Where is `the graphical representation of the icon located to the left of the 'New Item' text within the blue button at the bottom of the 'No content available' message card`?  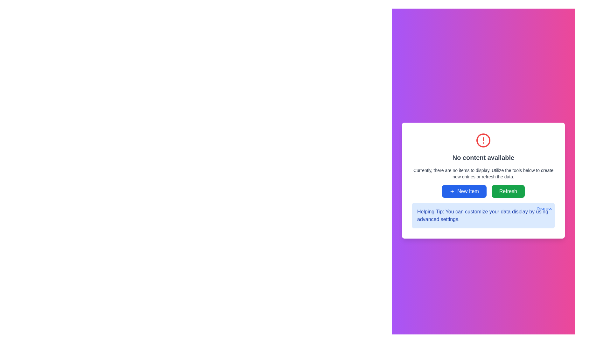
the graphical representation of the icon located to the left of the 'New Item' text within the blue button at the bottom of the 'No content available' message card is located at coordinates (452, 191).